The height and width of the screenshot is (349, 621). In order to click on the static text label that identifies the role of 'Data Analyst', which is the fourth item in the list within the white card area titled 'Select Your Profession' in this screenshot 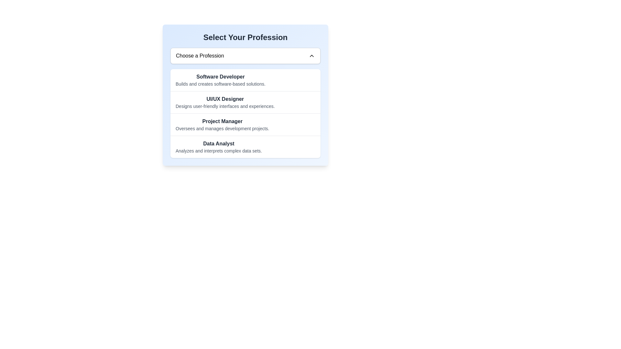, I will do `click(245, 147)`.